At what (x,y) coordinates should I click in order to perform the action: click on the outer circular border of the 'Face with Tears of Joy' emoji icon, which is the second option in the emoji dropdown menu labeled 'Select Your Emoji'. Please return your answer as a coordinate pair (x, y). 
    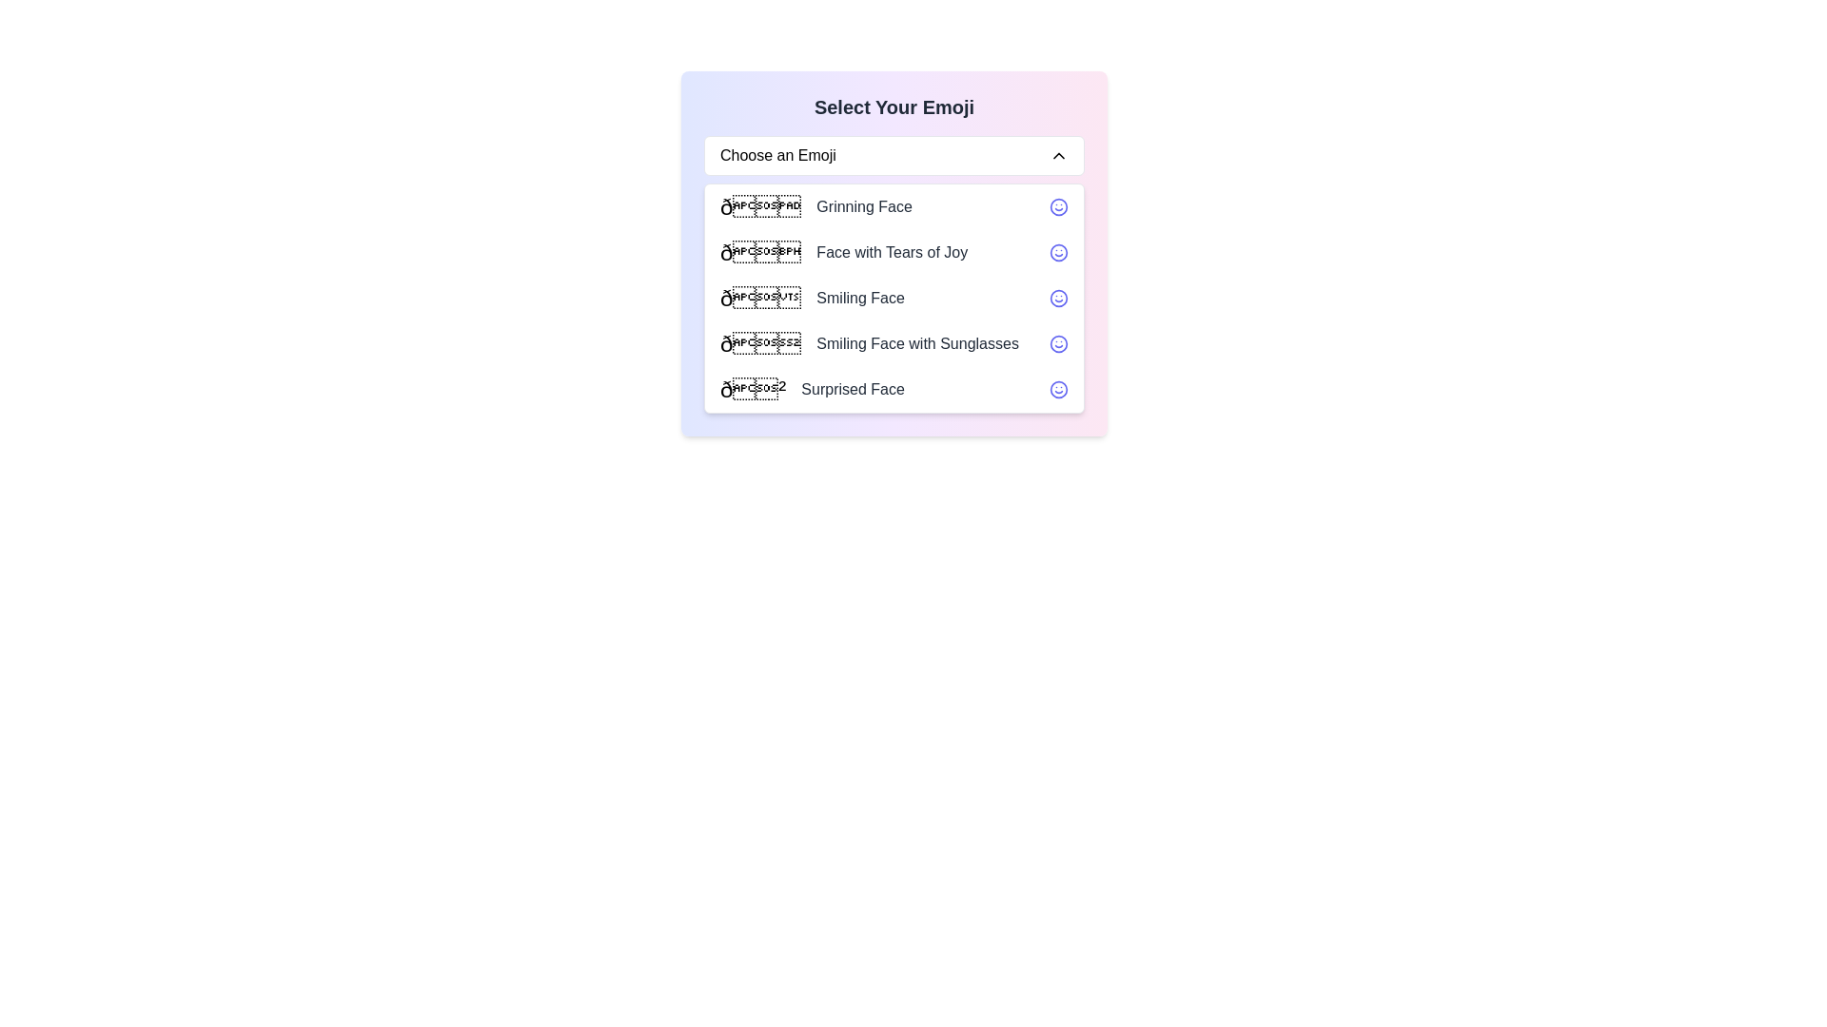
    Looking at the image, I should click on (1058, 252).